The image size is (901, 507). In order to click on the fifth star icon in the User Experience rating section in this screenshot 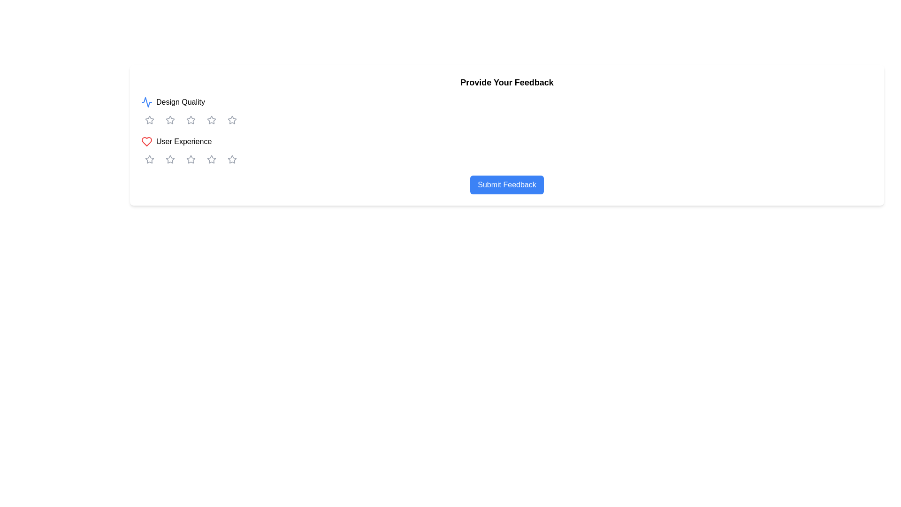, I will do `click(232, 159)`.